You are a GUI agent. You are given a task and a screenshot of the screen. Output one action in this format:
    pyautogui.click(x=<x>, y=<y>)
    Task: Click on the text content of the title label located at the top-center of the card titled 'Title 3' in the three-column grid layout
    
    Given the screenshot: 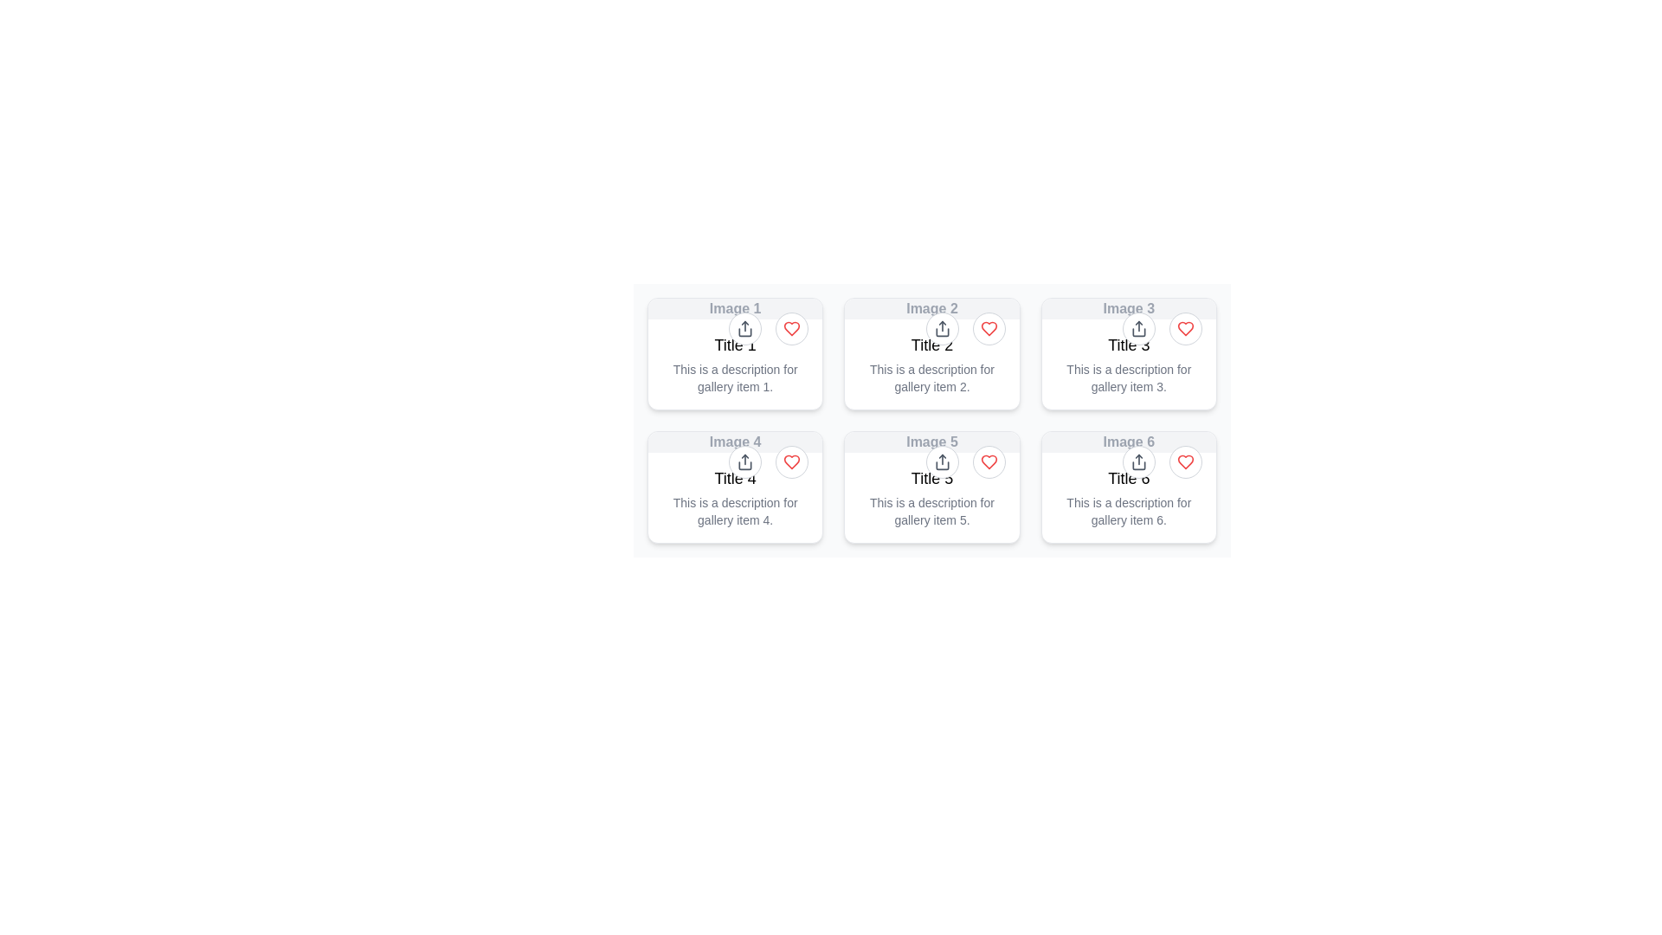 What is the action you would take?
    pyautogui.click(x=1129, y=308)
    